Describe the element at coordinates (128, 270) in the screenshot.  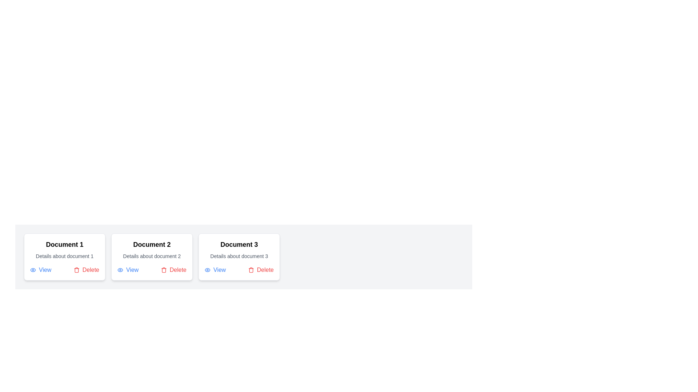
I see `the 'View' button-like interactive text with an eye-shaped icon located in the second column of the three-column layout for 'Document 2' to possibly see a tooltip` at that location.